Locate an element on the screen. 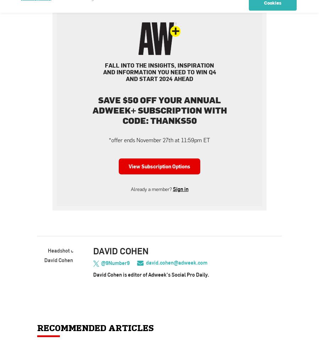 The image size is (319, 341). 'Already a member?' is located at coordinates (130, 189).